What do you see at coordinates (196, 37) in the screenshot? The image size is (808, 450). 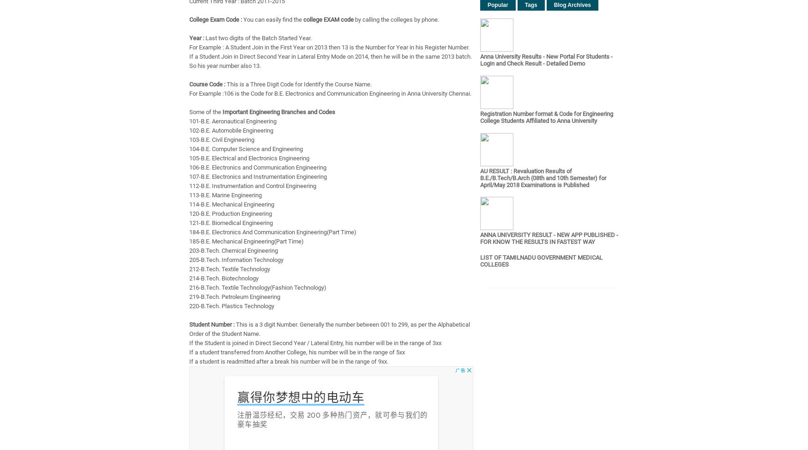 I see `'Year :'` at bounding box center [196, 37].